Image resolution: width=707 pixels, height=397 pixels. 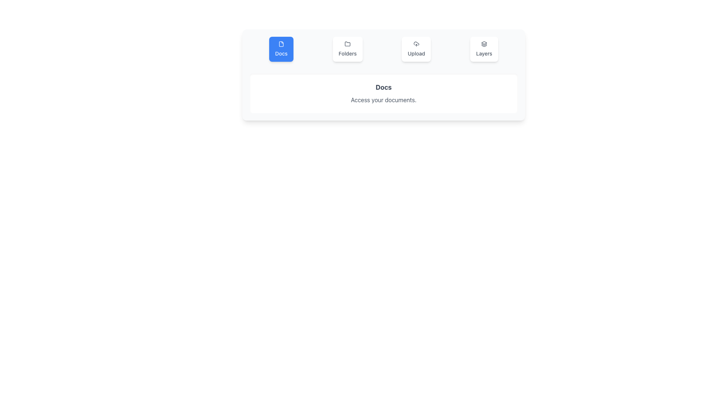 What do you see at coordinates (347, 49) in the screenshot?
I see `the second button in the toolbar` at bounding box center [347, 49].